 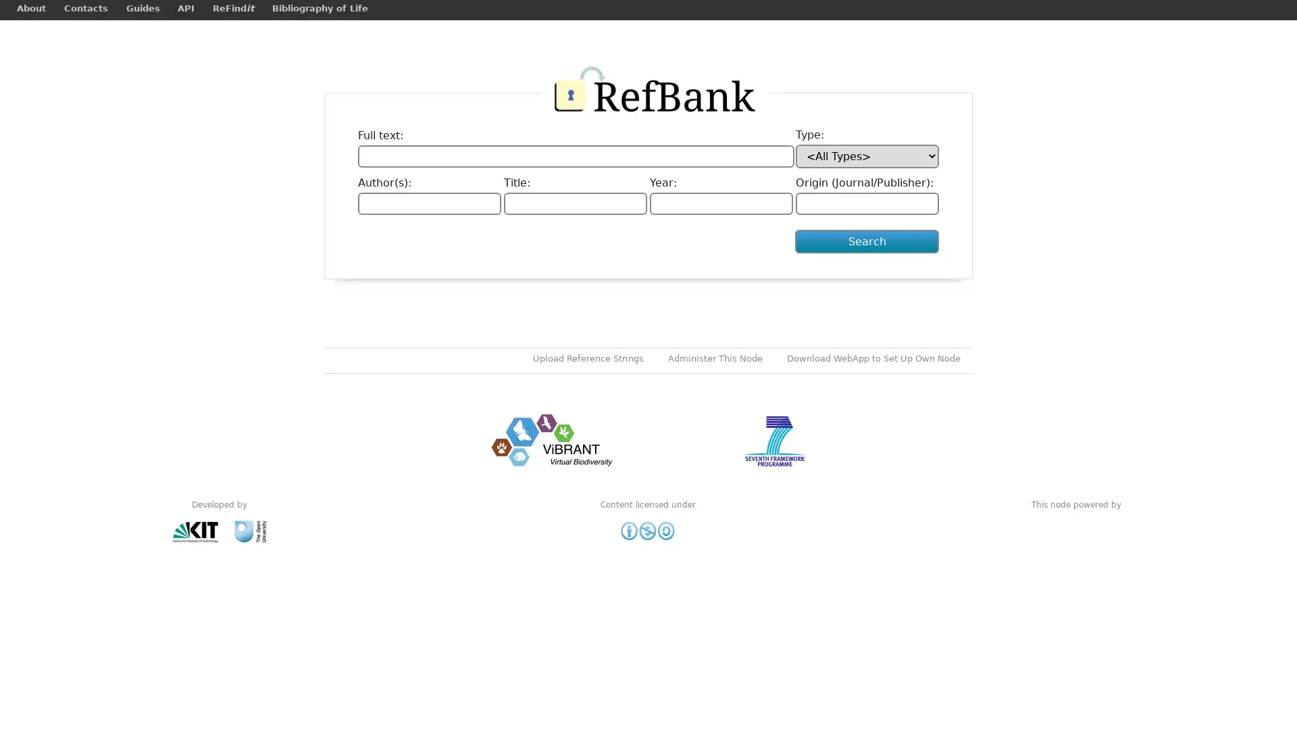 I want to click on Search, so click(x=867, y=252).